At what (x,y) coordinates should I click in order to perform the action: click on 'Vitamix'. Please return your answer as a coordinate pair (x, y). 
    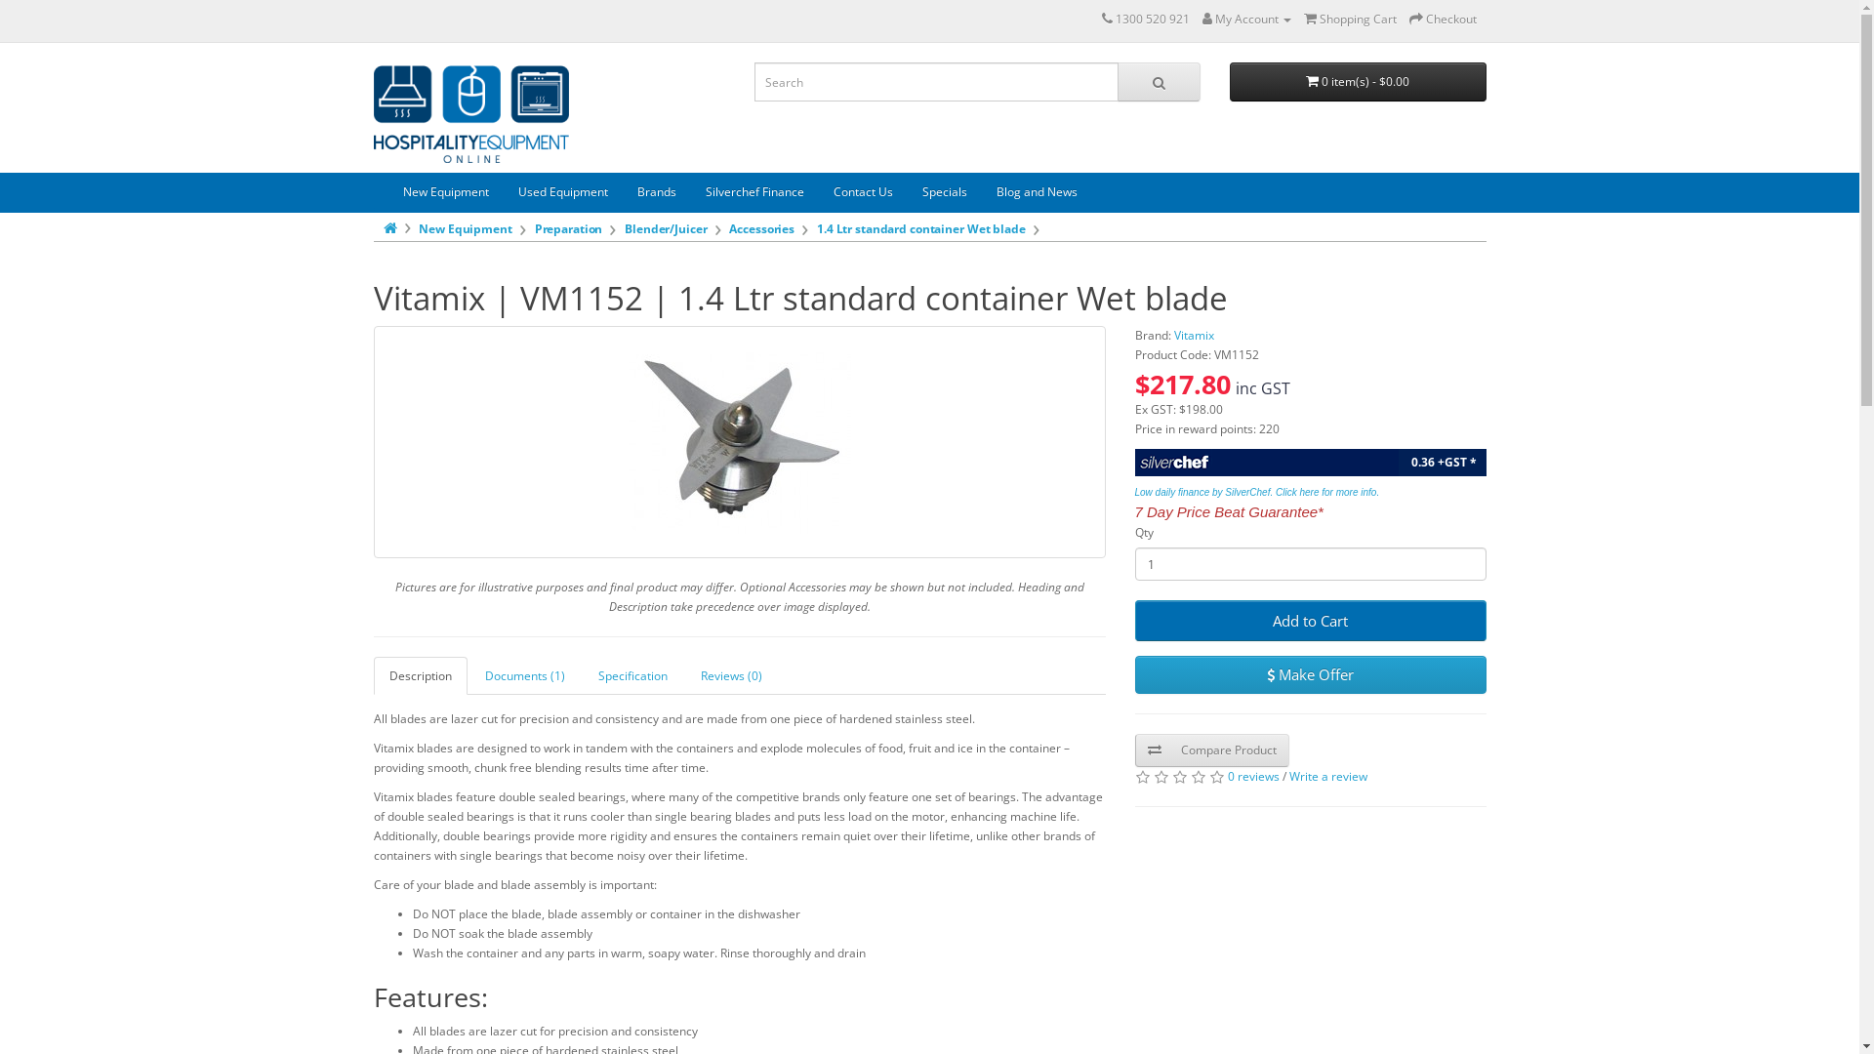
    Looking at the image, I should click on (1192, 334).